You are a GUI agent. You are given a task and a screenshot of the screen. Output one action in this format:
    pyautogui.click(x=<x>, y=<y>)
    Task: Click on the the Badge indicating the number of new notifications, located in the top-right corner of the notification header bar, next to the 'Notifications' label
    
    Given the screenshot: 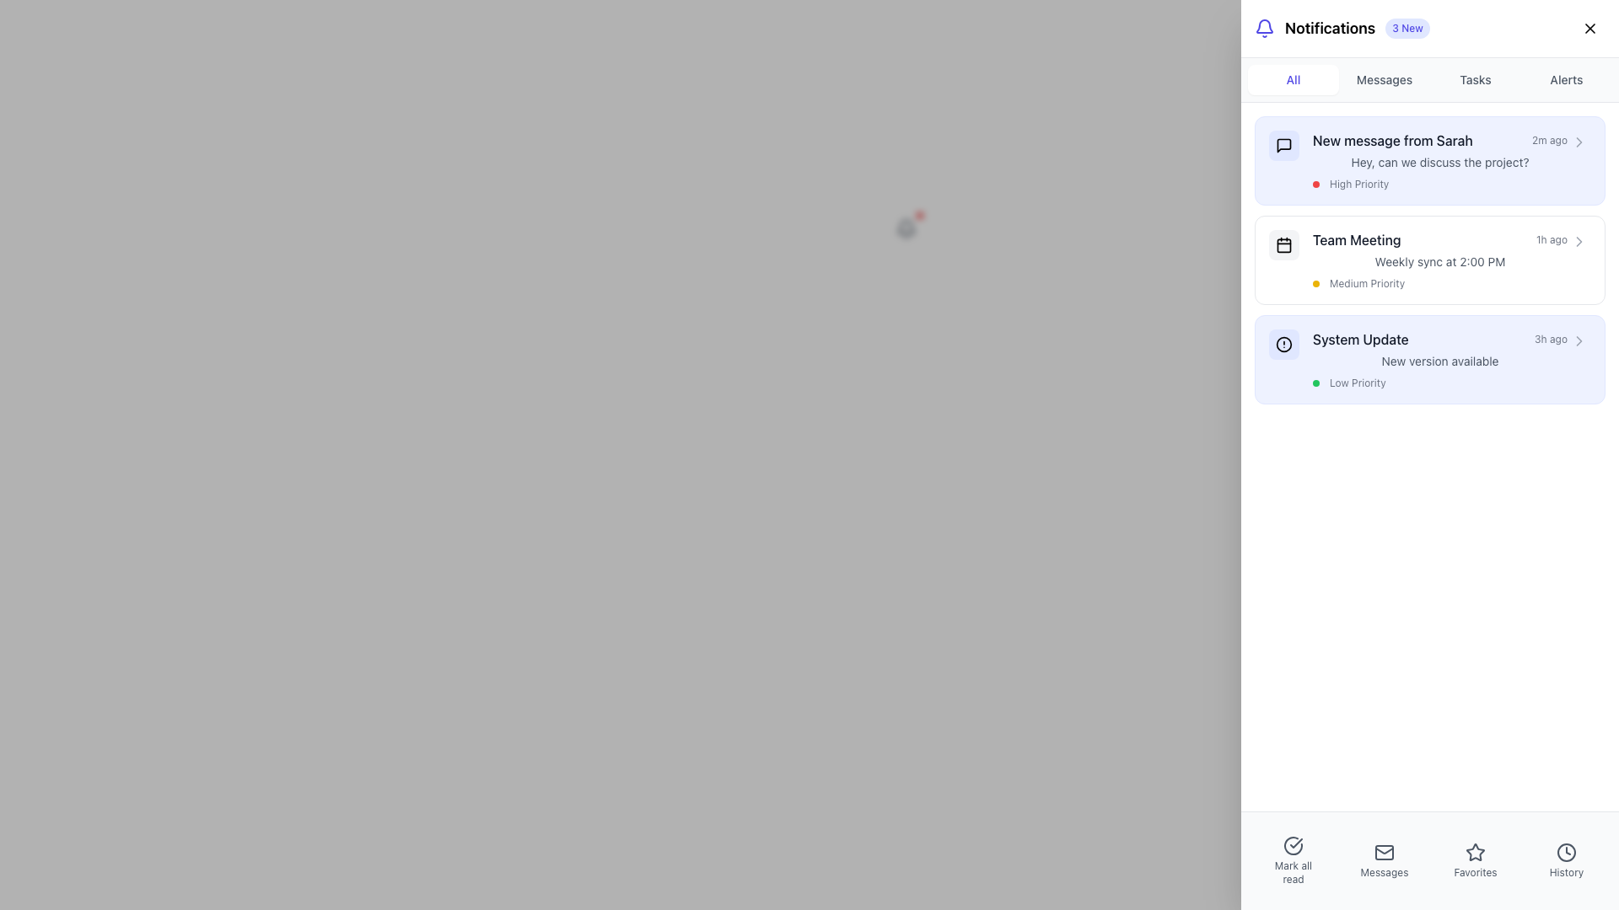 What is the action you would take?
    pyautogui.click(x=1407, y=29)
    